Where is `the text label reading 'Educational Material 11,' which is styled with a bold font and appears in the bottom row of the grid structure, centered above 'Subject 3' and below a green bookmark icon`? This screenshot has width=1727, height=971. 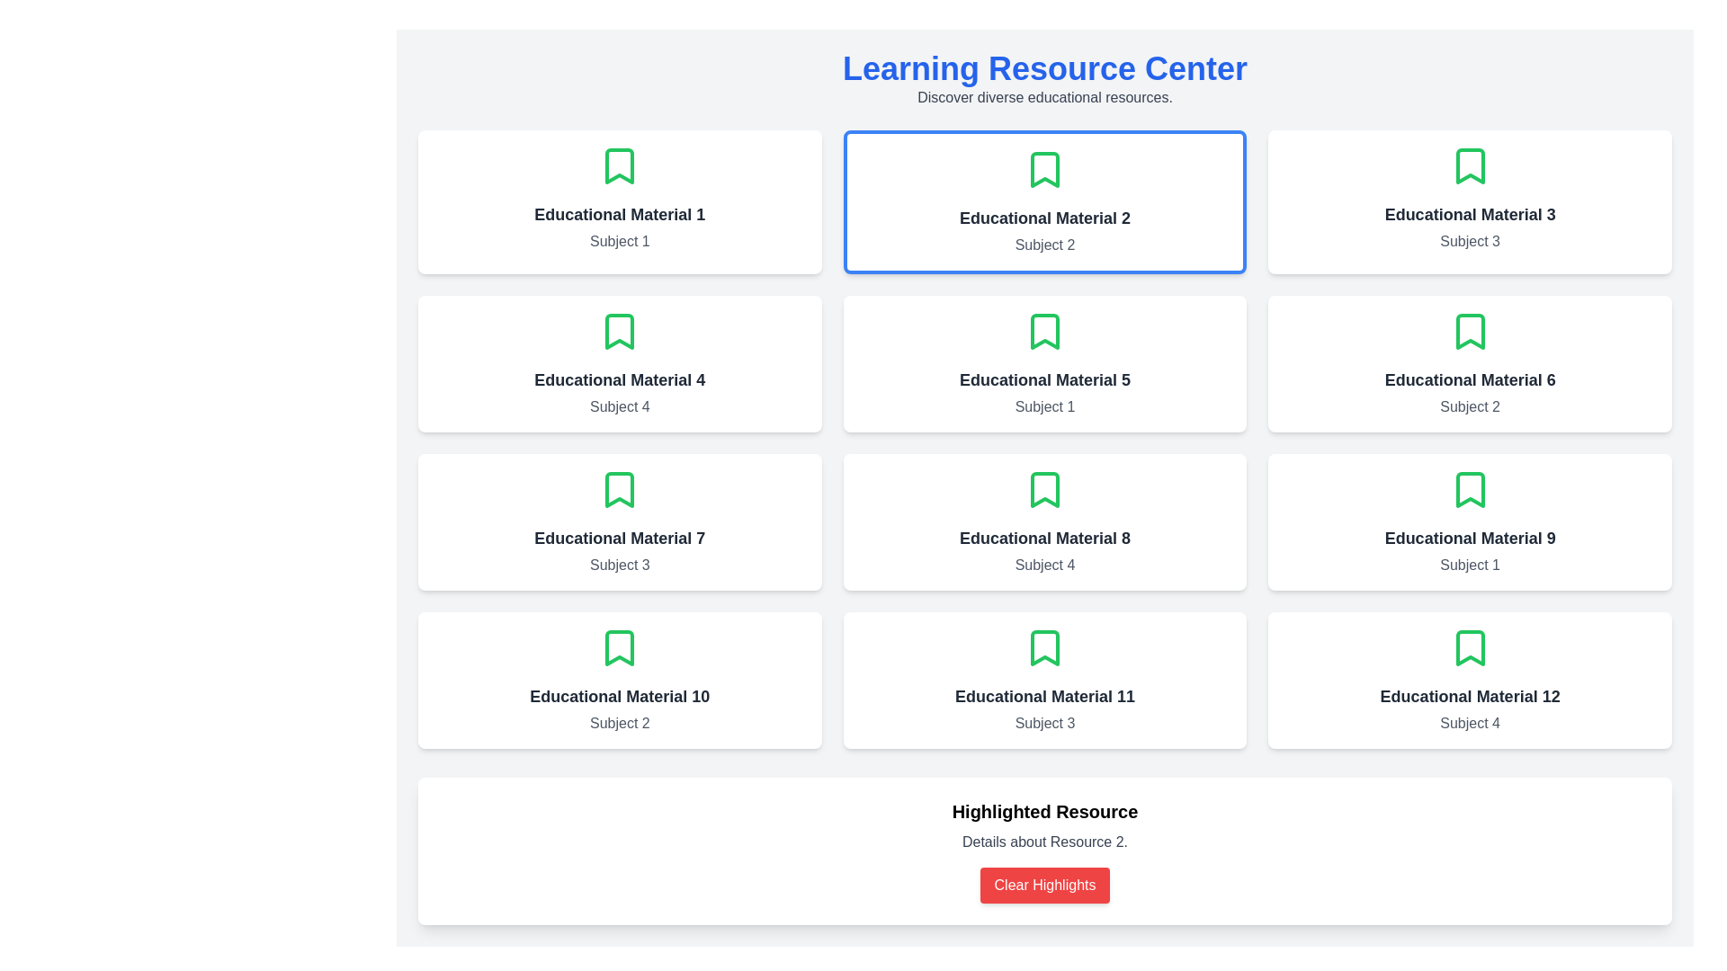
the text label reading 'Educational Material 11,' which is styled with a bold font and appears in the bottom row of the grid structure, centered above 'Subject 3' and below a green bookmark icon is located at coordinates (1044, 696).